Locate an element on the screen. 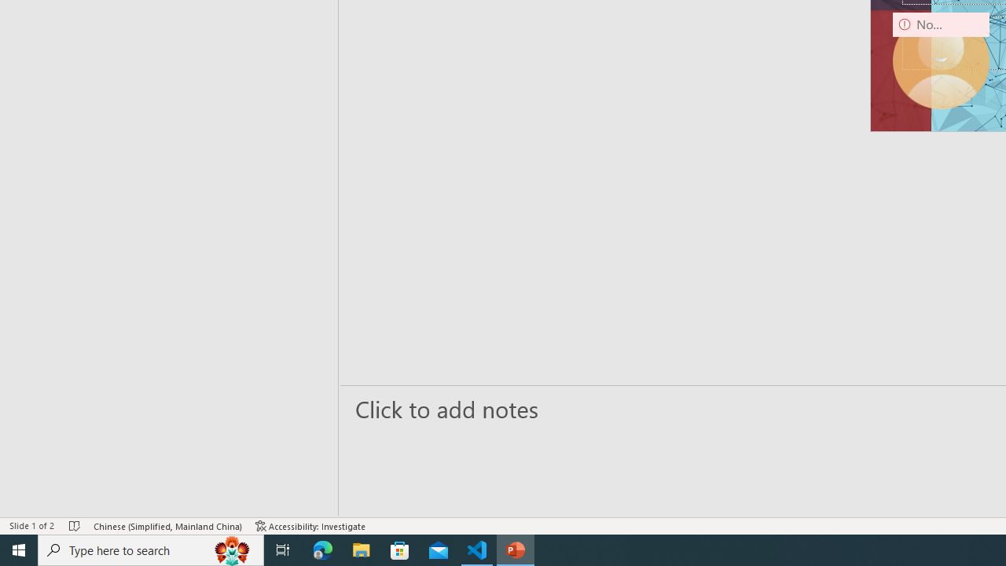  'PowerPoint - 1 running window' is located at coordinates (516, 549).